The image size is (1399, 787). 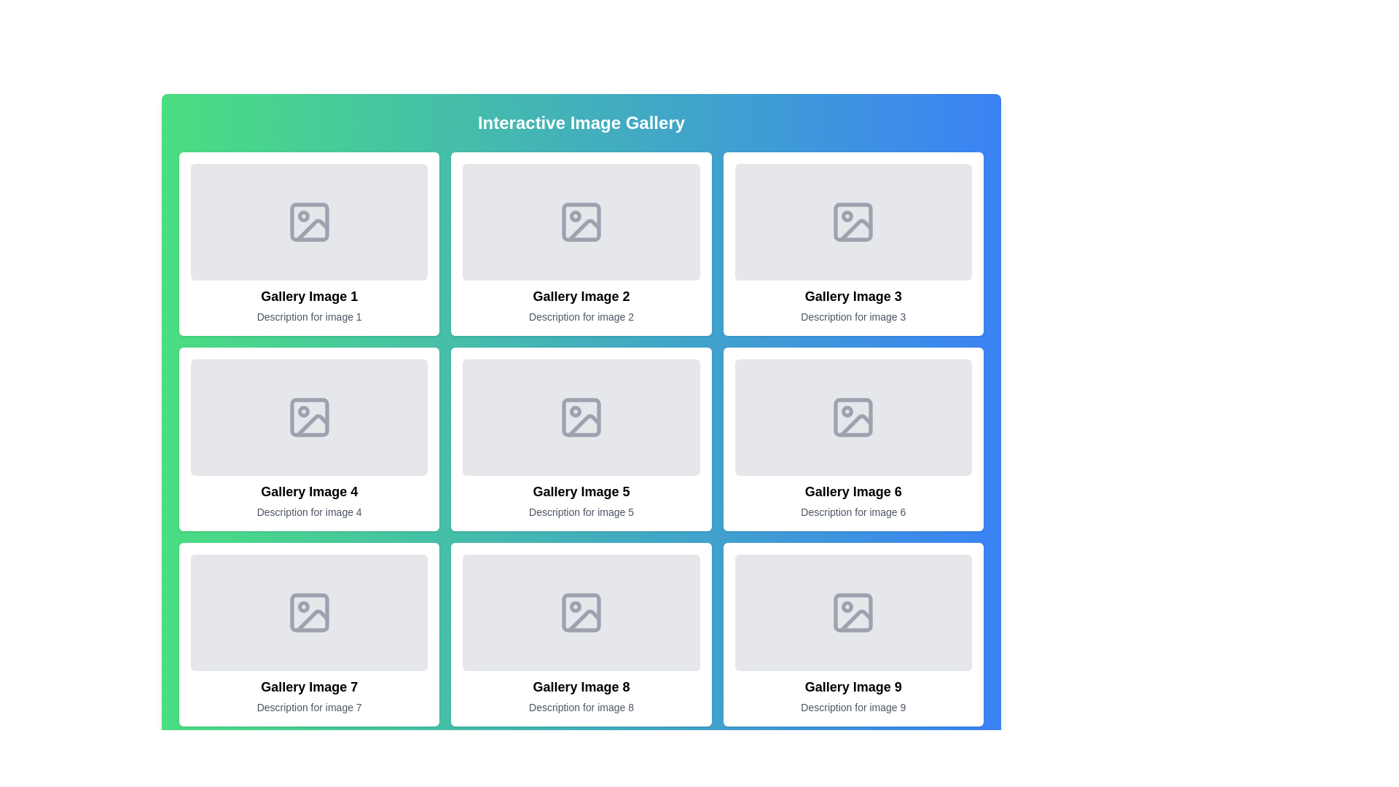 What do you see at coordinates (853, 438) in the screenshot?
I see `the display card located in the second row, third column of the grid layout` at bounding box center [853, 438].